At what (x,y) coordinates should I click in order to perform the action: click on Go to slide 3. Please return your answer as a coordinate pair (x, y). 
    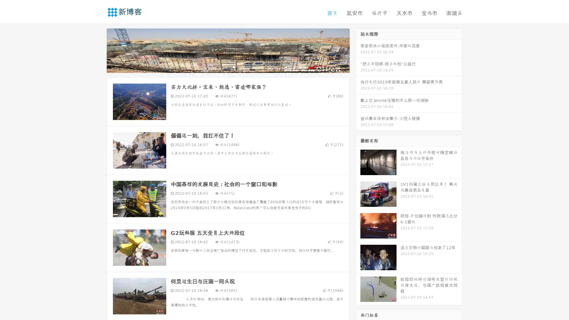
    Looking at the image, I should click on (234, 67).